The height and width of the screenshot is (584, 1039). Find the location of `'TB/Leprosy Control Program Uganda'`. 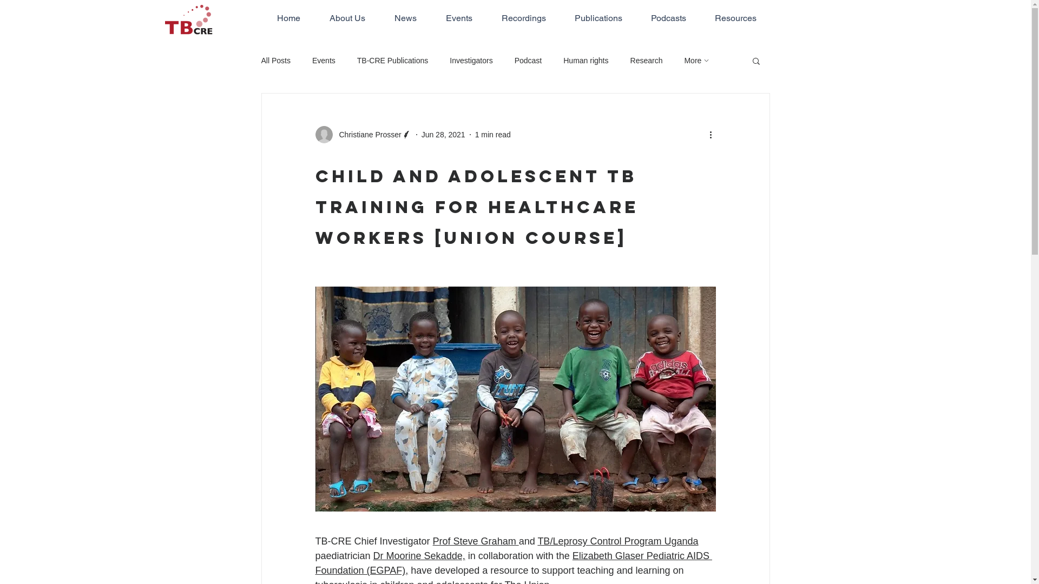

'TB/Leprosy Control Program Uganda' is located at coordinates (617, 541).